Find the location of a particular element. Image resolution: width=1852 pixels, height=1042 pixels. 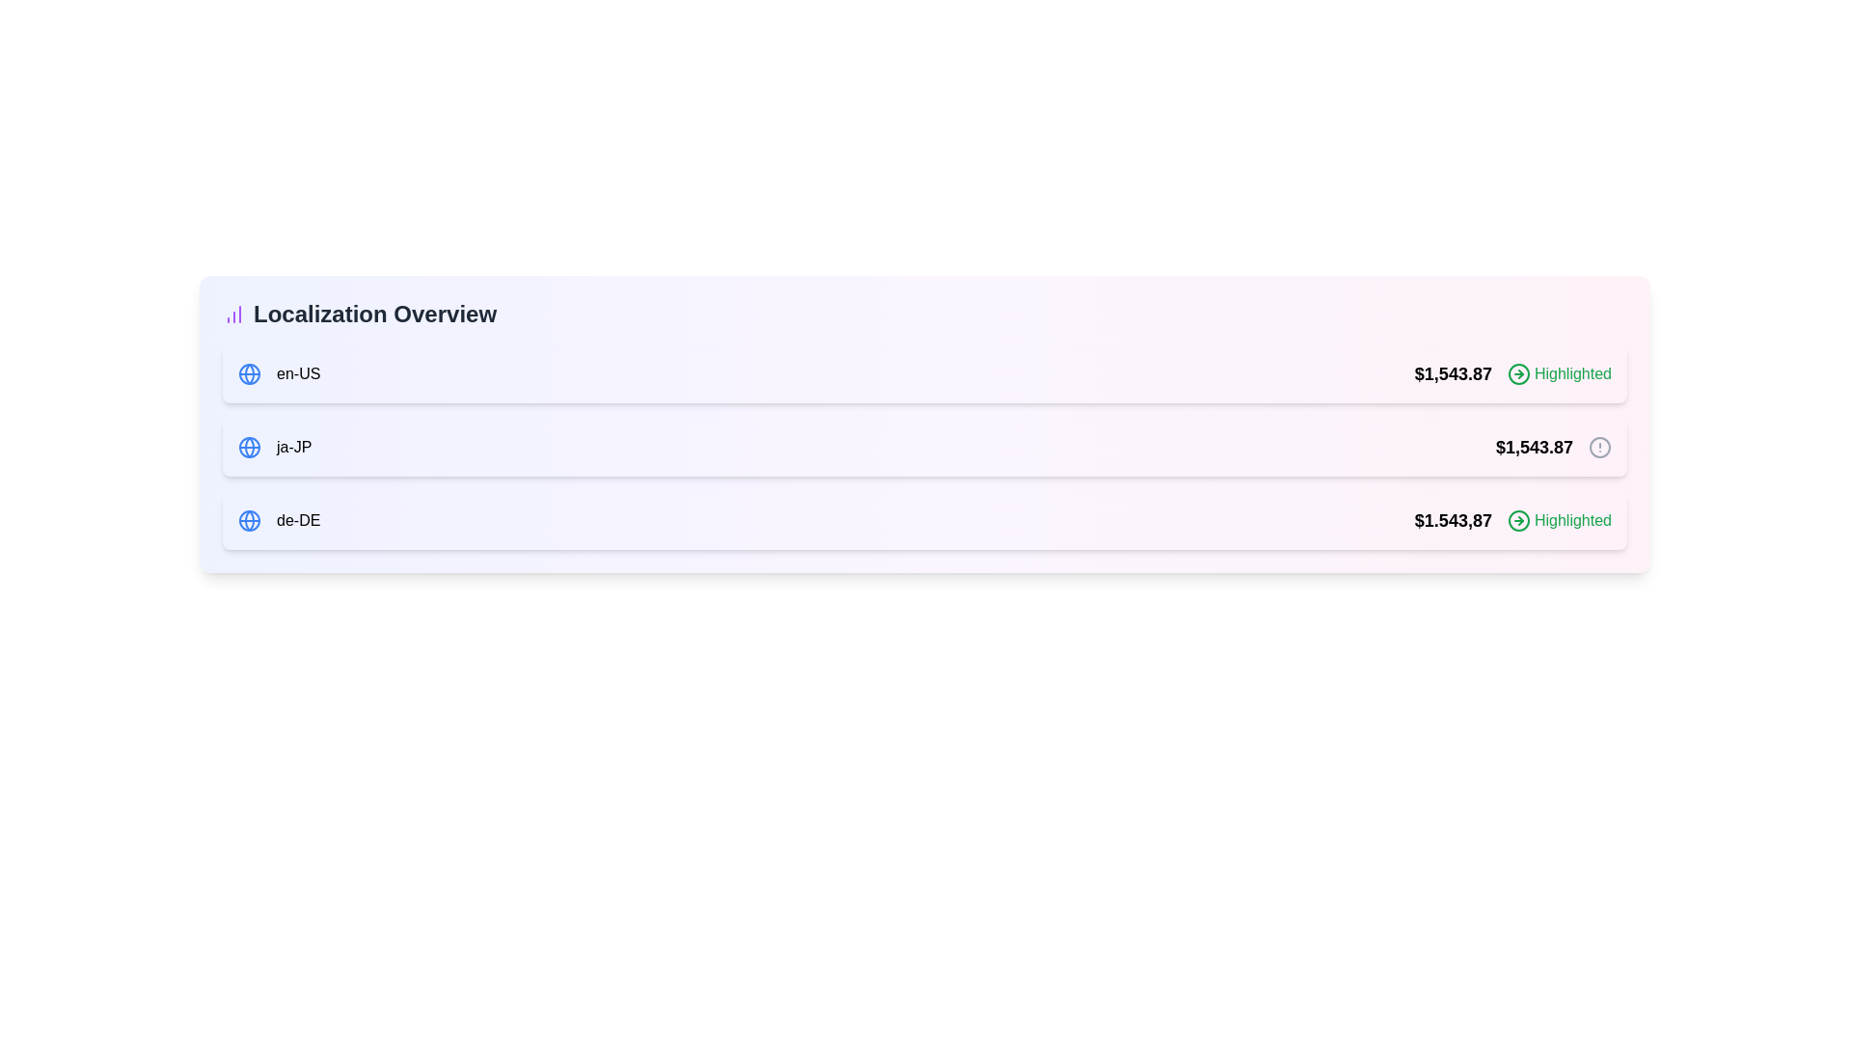

the Circle graphic element in the second row, aligned with 'ja-JP' and the price '$1,543.87' is located at coordinates (1600, 447).